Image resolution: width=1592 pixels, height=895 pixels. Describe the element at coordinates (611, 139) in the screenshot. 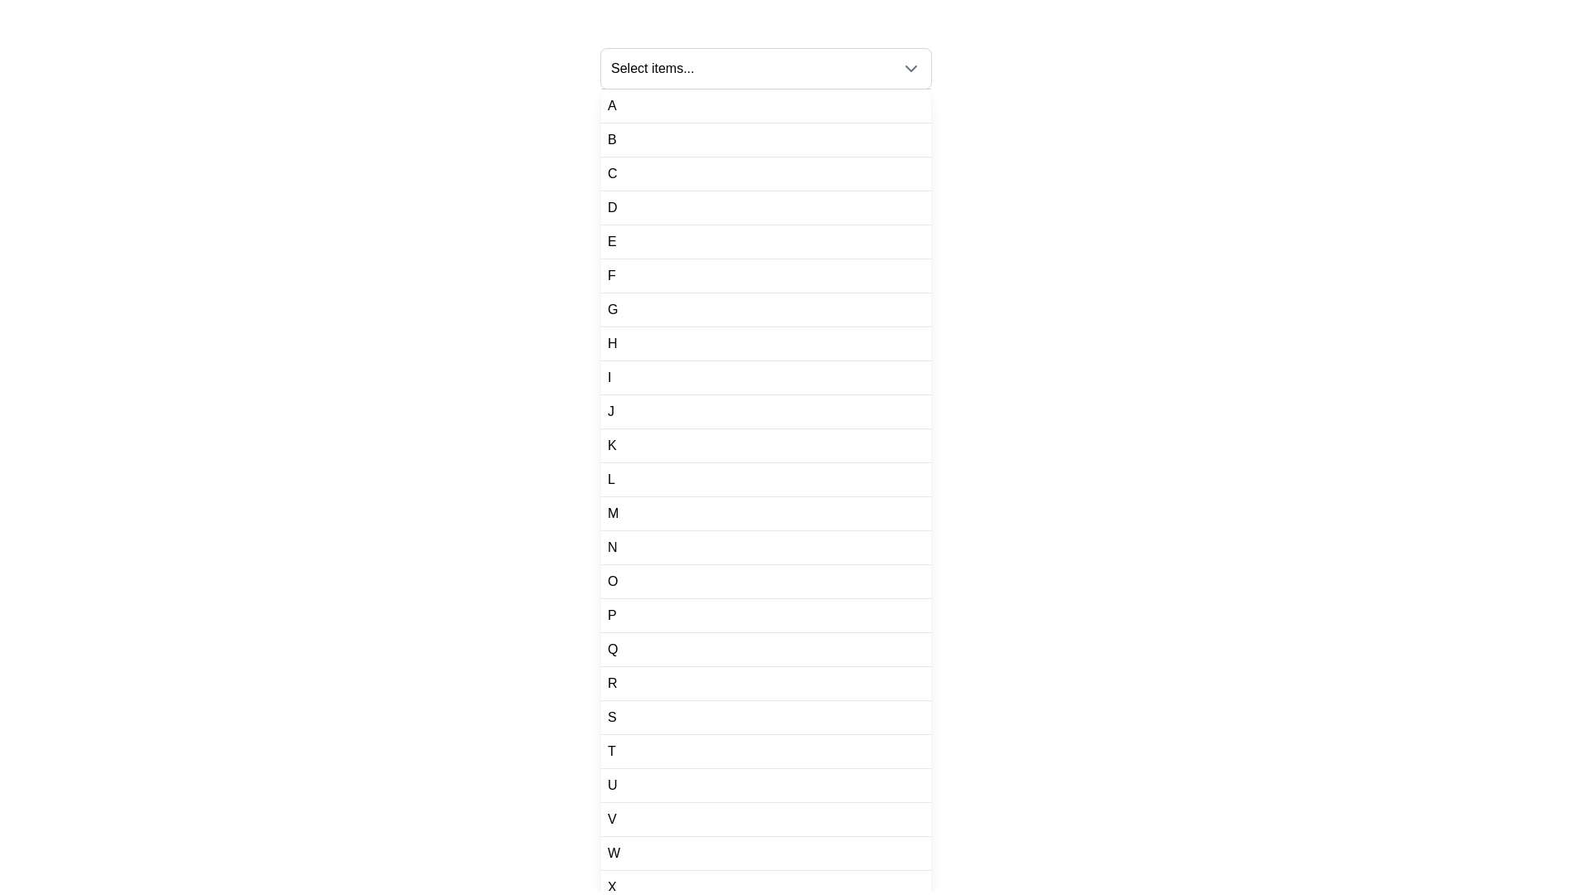

I see `the text label representing option 'B' in the dropdown list` at that location.